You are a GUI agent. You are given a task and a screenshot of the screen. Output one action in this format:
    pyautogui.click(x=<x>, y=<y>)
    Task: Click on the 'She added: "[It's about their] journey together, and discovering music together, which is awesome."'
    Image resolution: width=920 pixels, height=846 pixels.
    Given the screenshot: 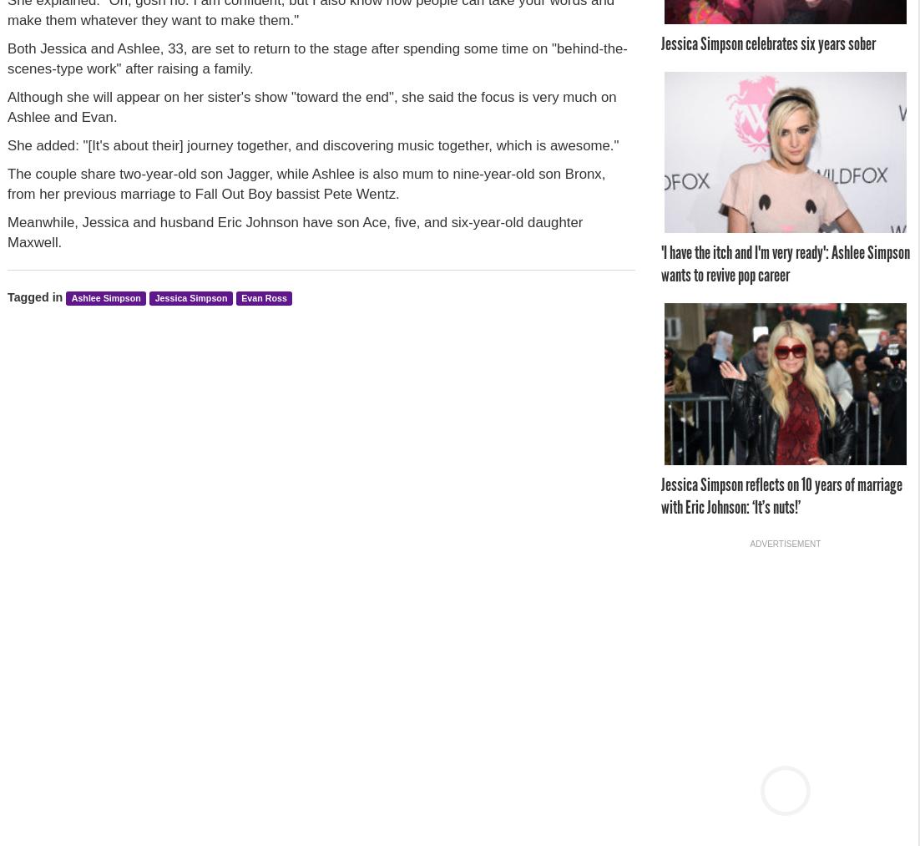 What is the action you would take?
    pyautogui.click(x=312, y=144)
    